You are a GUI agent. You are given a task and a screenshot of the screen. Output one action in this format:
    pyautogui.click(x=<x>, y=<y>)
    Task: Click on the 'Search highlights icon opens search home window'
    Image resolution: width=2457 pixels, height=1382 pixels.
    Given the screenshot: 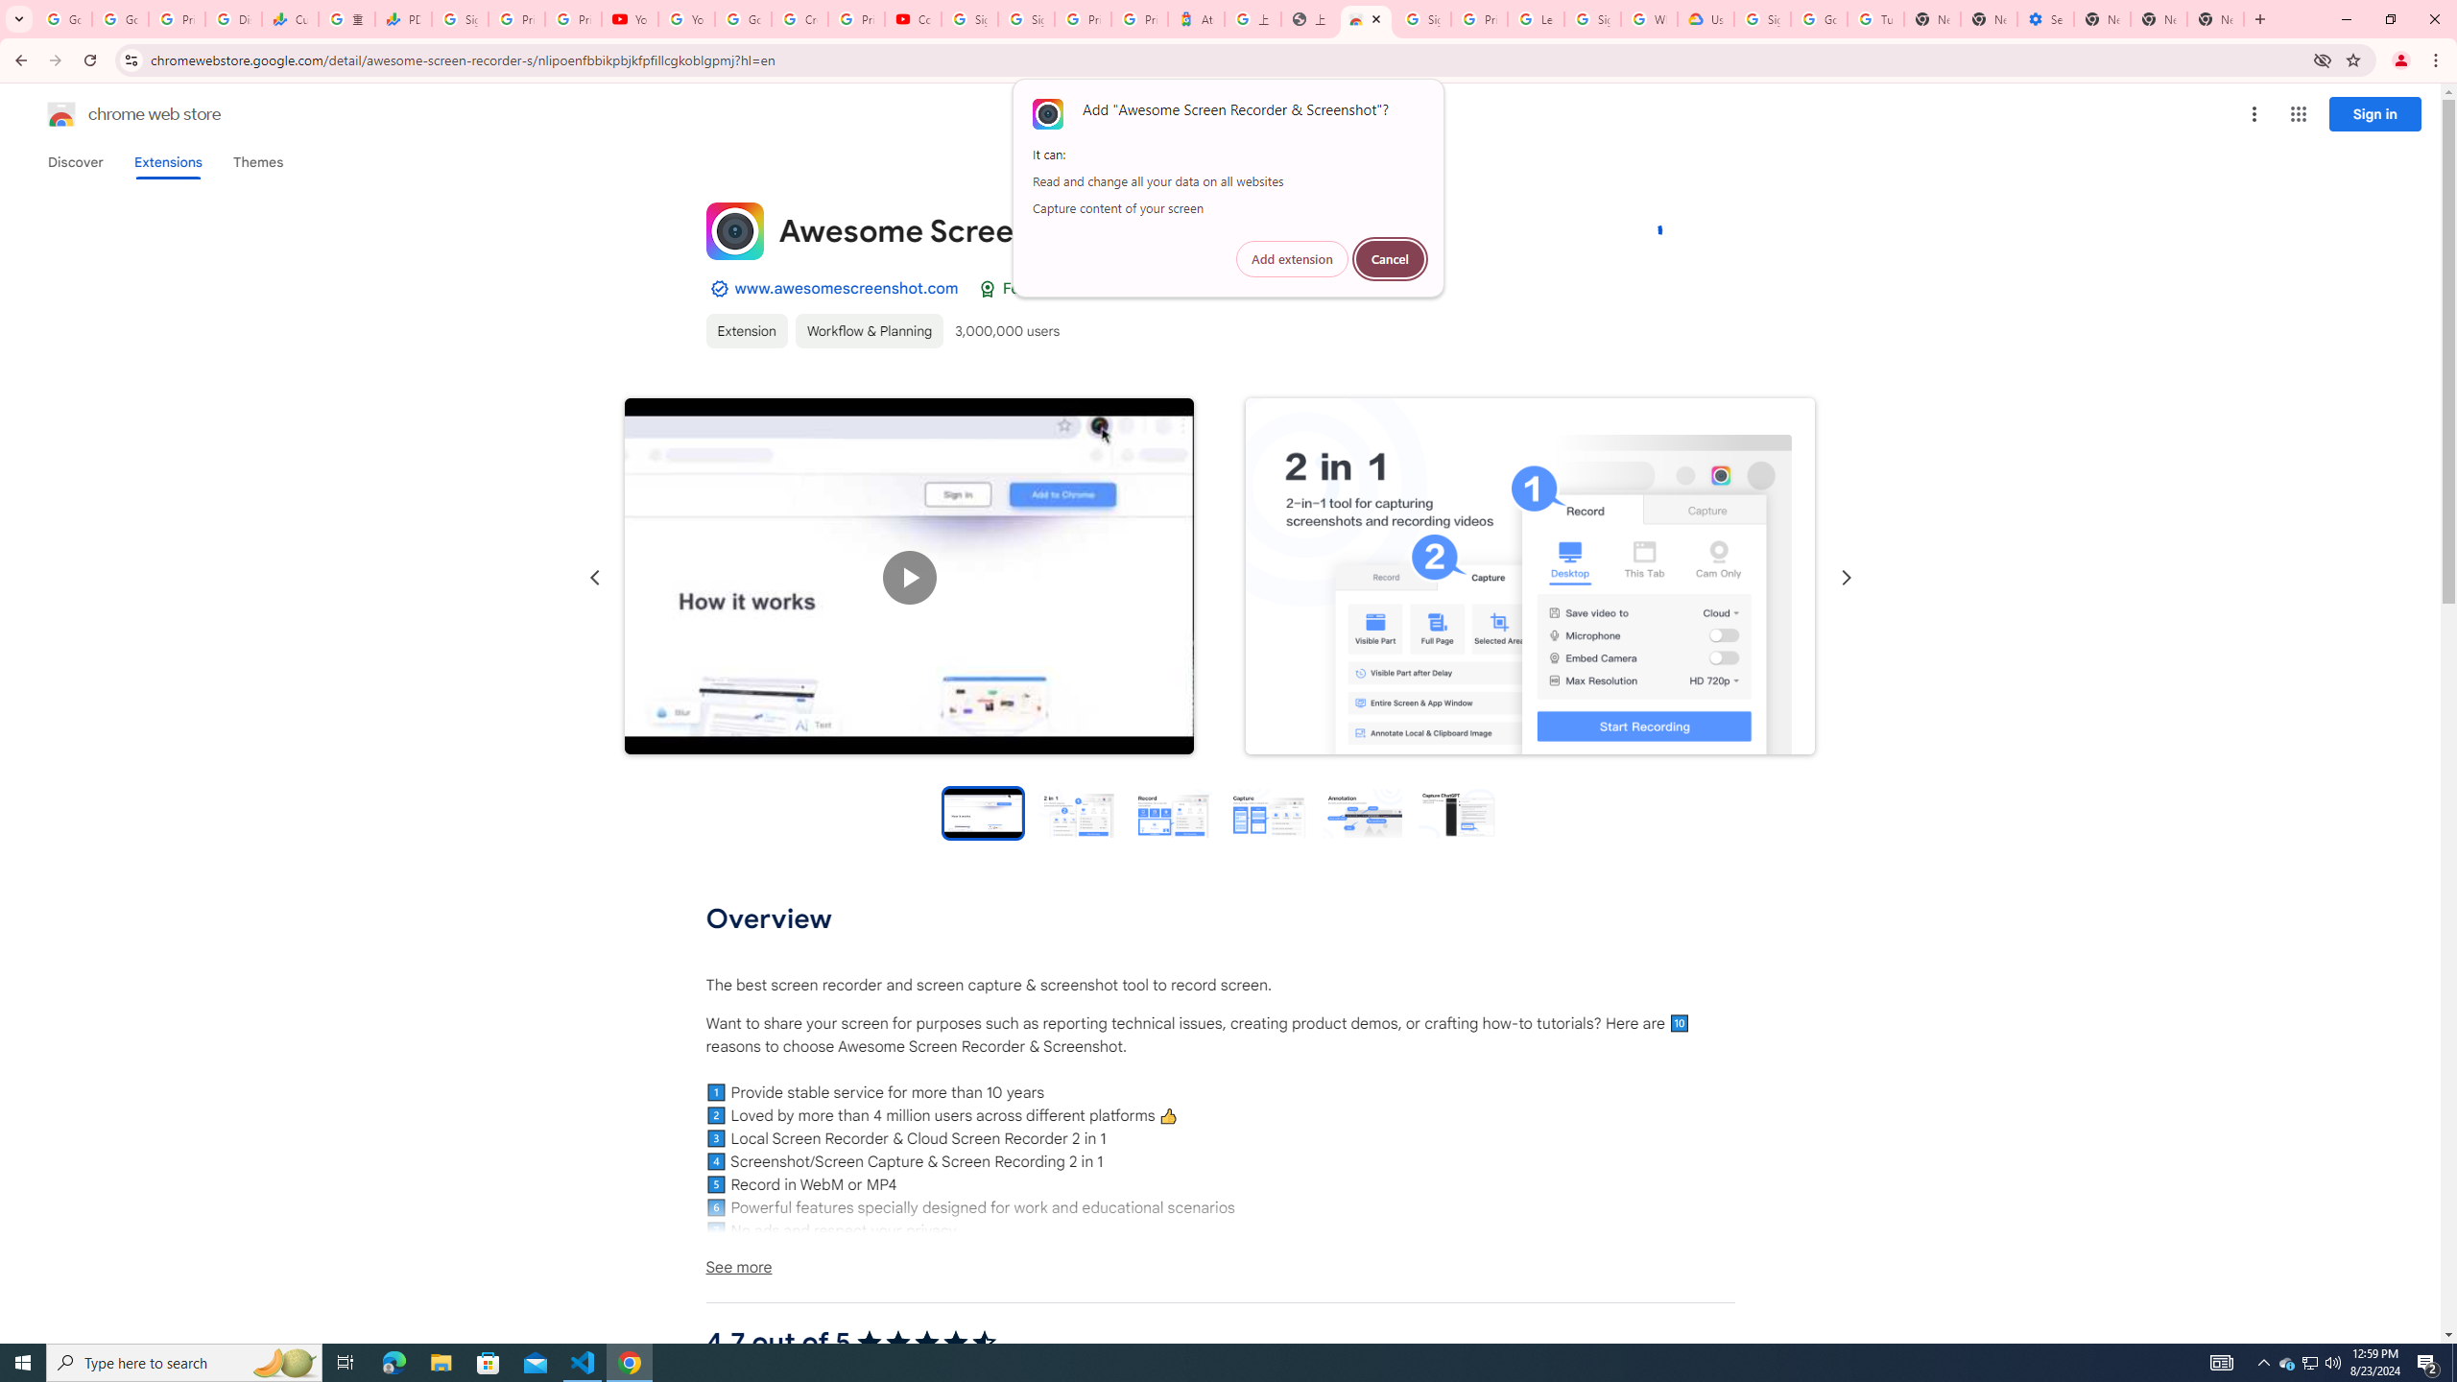 What is the action you would take?
    pyautogui.click(x=282, y=1361)
    